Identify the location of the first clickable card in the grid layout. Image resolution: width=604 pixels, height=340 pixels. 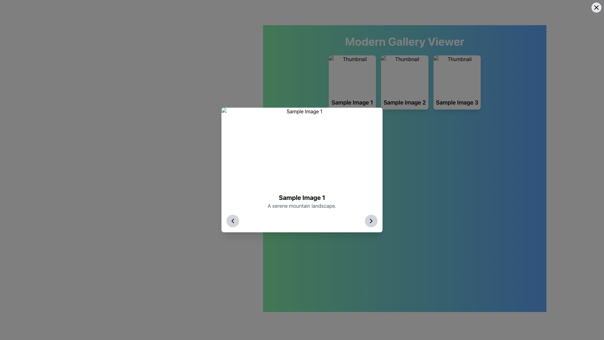
(351, 82).